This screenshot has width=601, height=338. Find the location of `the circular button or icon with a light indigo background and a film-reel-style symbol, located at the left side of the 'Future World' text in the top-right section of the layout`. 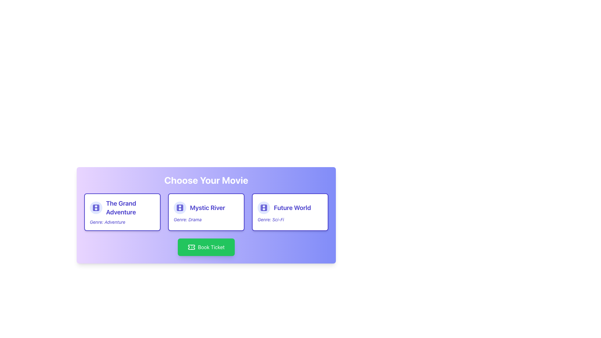

the circular button or icon with a light indigo background and a film-reel-style symbol, located at the left side of the 'Future World' text in the top-right section of the layout is located at coordinates (264, 207).